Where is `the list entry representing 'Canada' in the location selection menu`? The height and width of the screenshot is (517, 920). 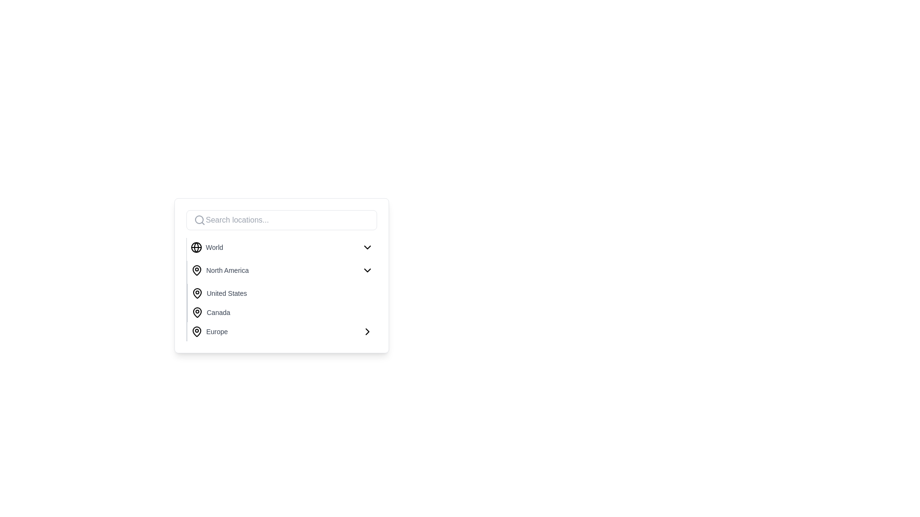 the list entry representing 'Canada' in the location selection menu is located at coordinates (281, 312).